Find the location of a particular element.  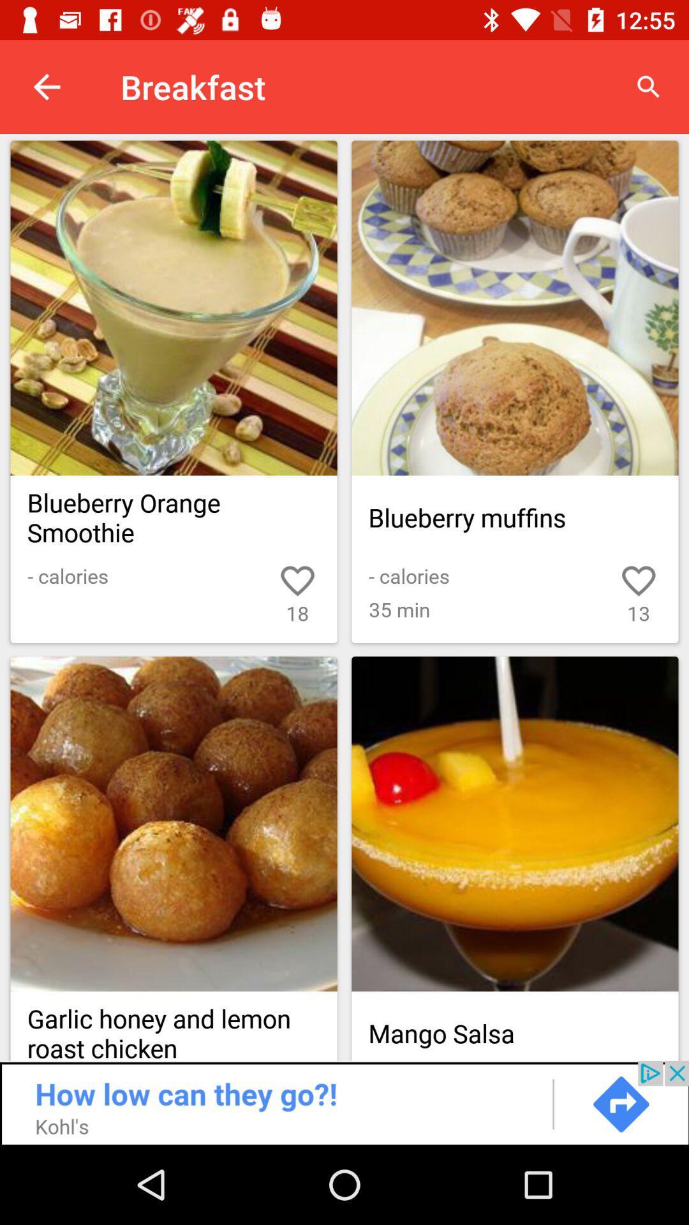

display picture is located at coordinates (174, 824).